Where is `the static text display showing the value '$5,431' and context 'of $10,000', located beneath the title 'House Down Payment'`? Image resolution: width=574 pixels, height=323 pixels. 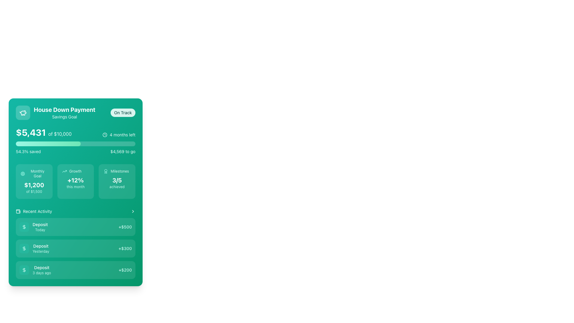
the static text display showing the value '$5,431' and context 'of $10,000', located beneath the title 'House Down Payment' is located at coordinates (43, 132).